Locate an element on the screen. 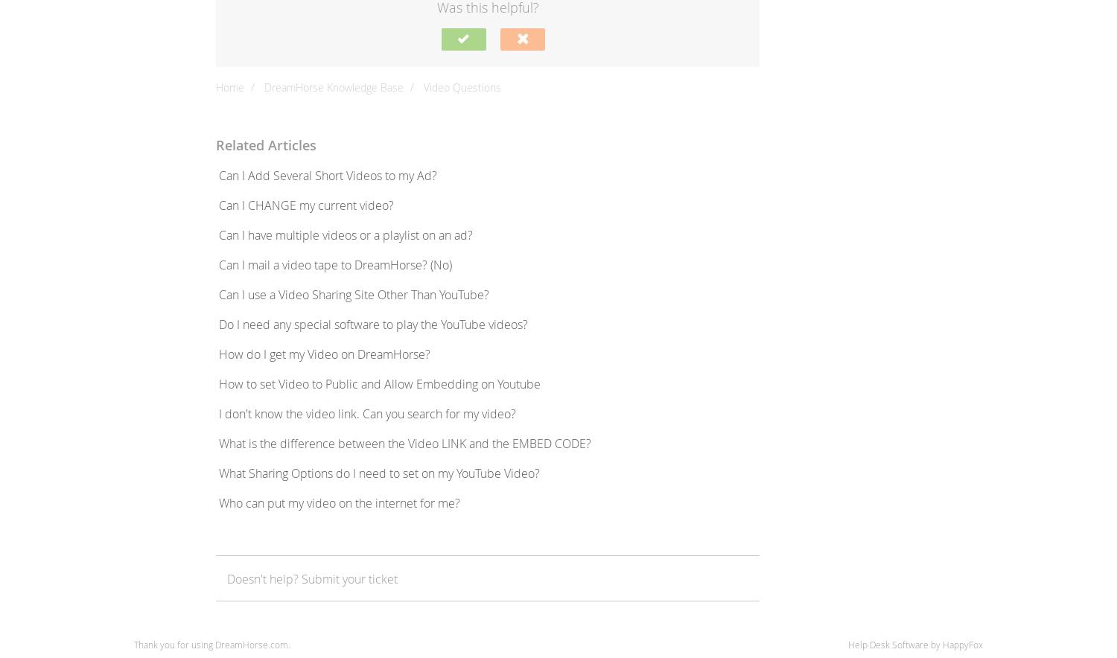 Image resolution: width=1117 pixels, height=658 pixels. 'Related Articles' is located at coordinates (265, 144).